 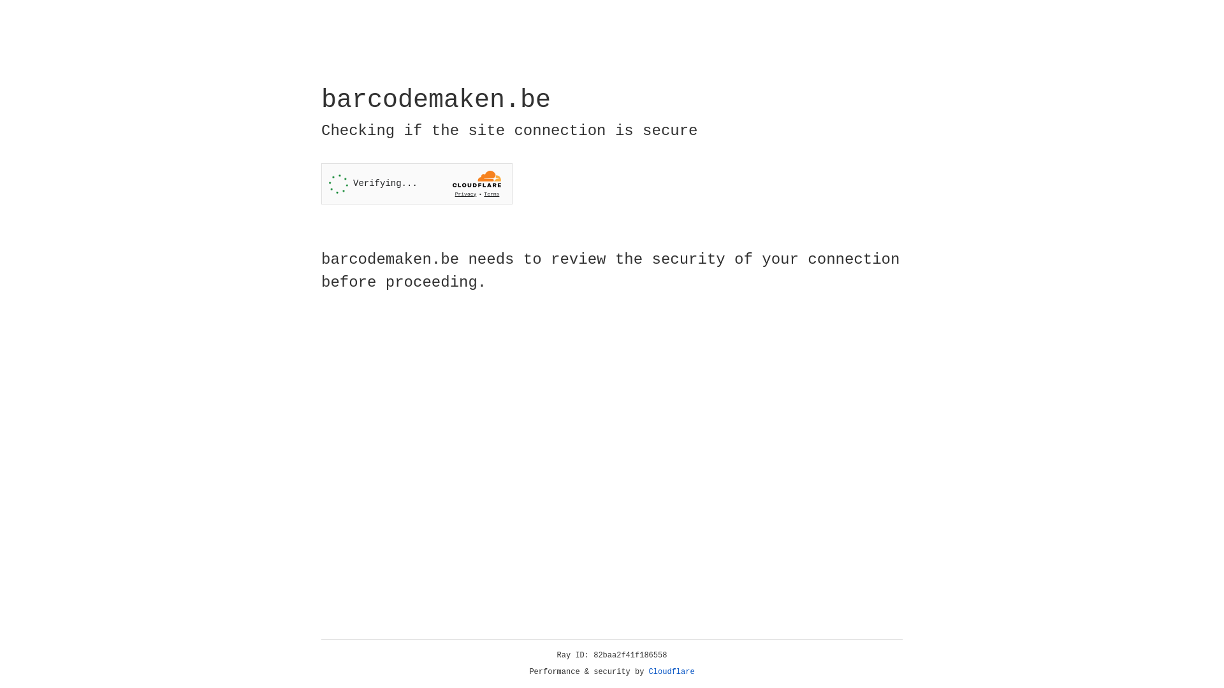 What do you see at coordinates (416, 183) in the screenshot?
I see `'Widget containing a Cloudflare security challenge'` at bounding box center [416, 183].